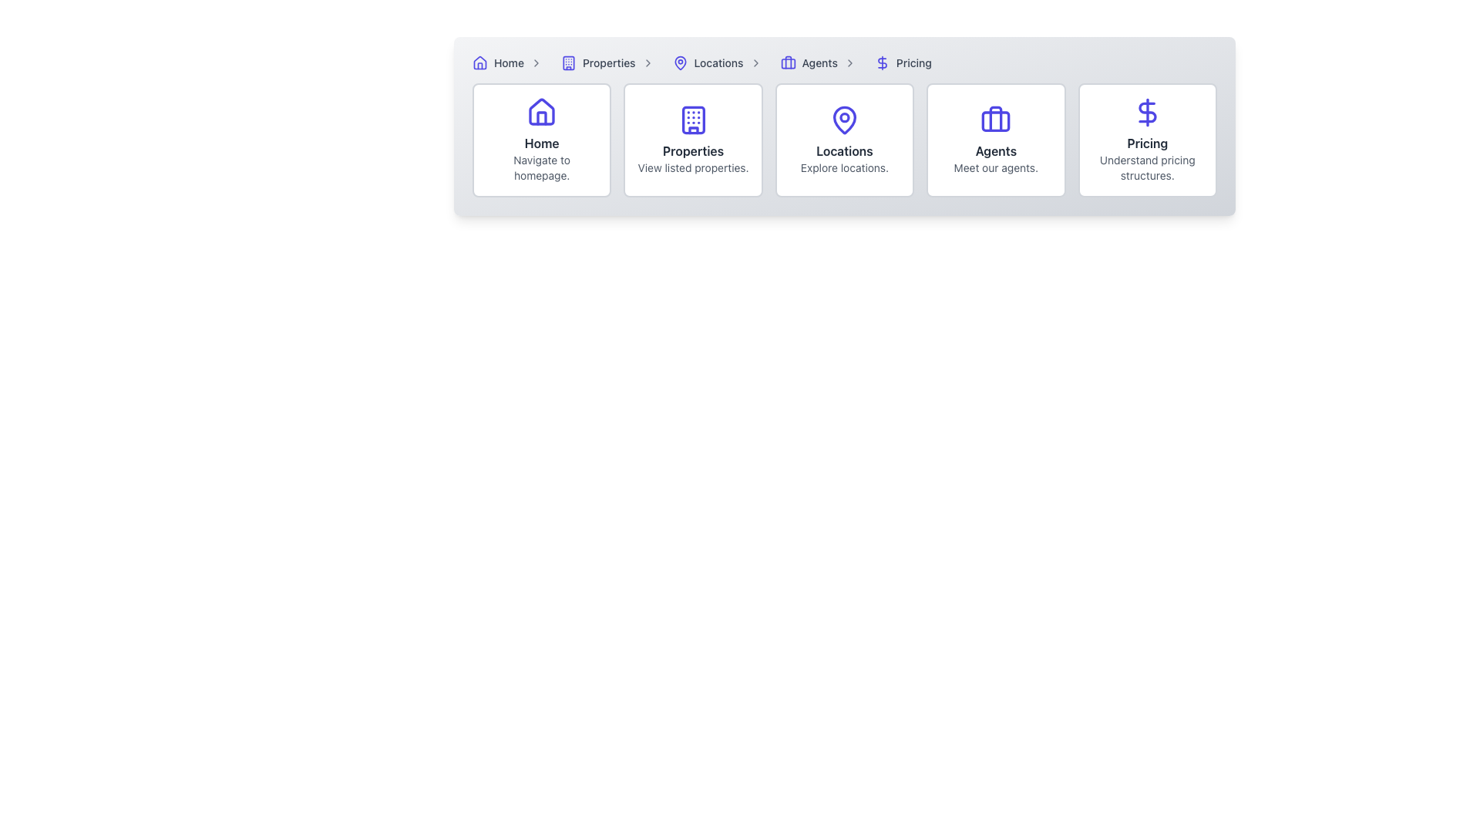  I want to click on the 'Agents' hyperlink located in the top center navigation bar, which is the fifth item following 'Locations' and preceding 'Pricing', so click(819, 62).